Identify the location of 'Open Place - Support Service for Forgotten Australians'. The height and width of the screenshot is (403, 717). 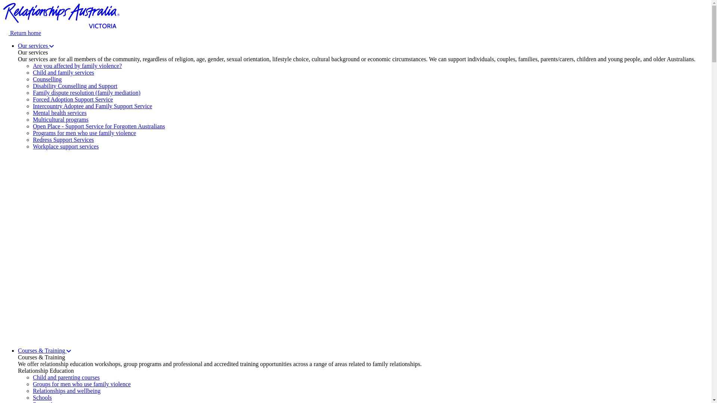
(98, 126).